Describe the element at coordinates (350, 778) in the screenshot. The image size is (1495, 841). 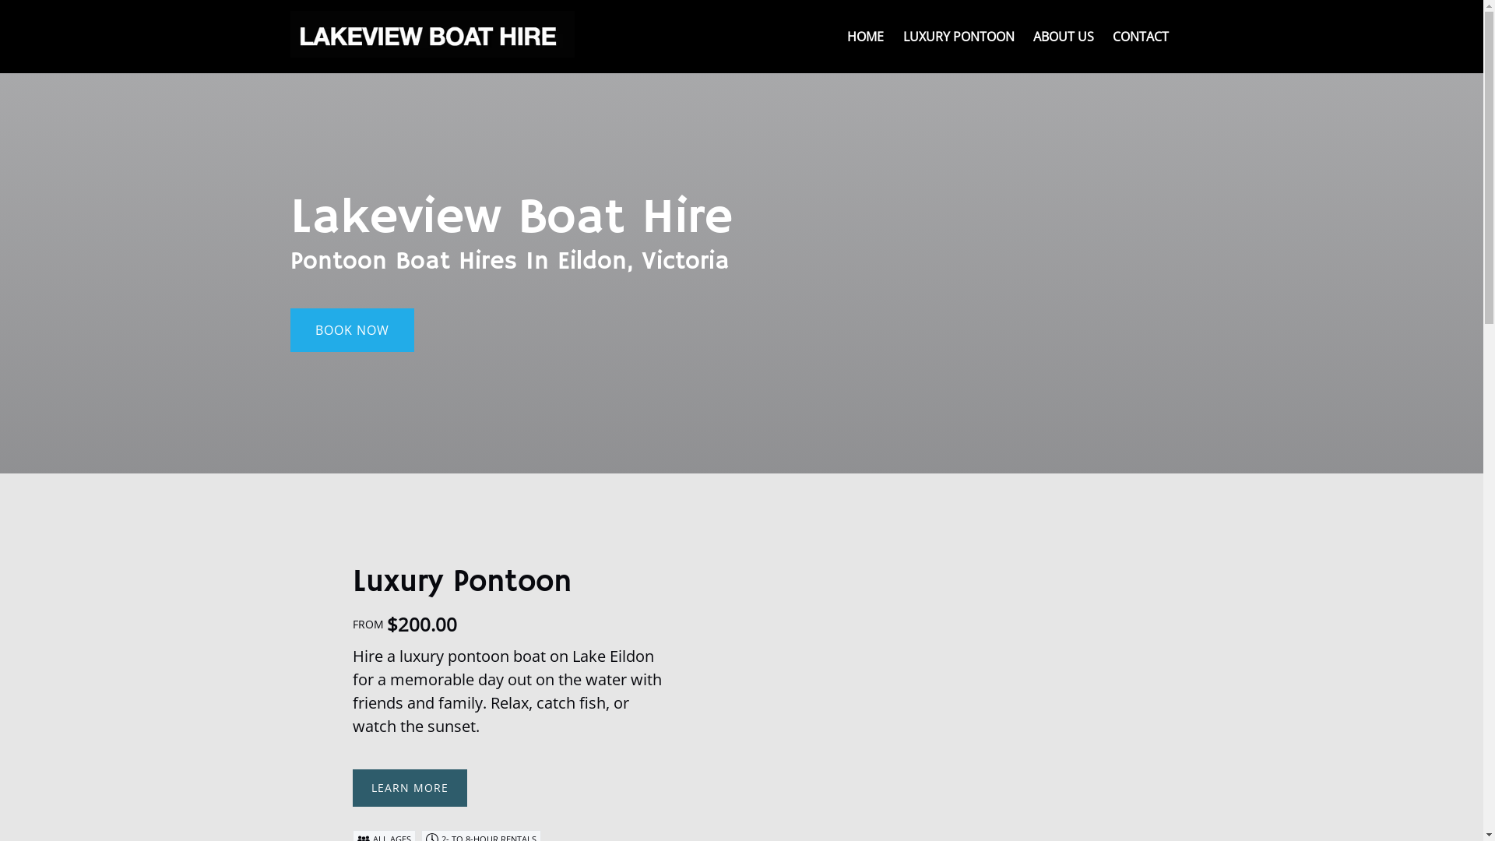
I see `'LEARN MORE'` at that location.